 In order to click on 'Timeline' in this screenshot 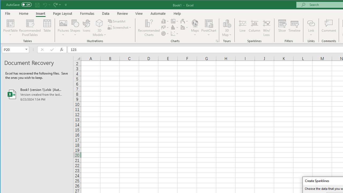, I will do `click(294, 28)`.